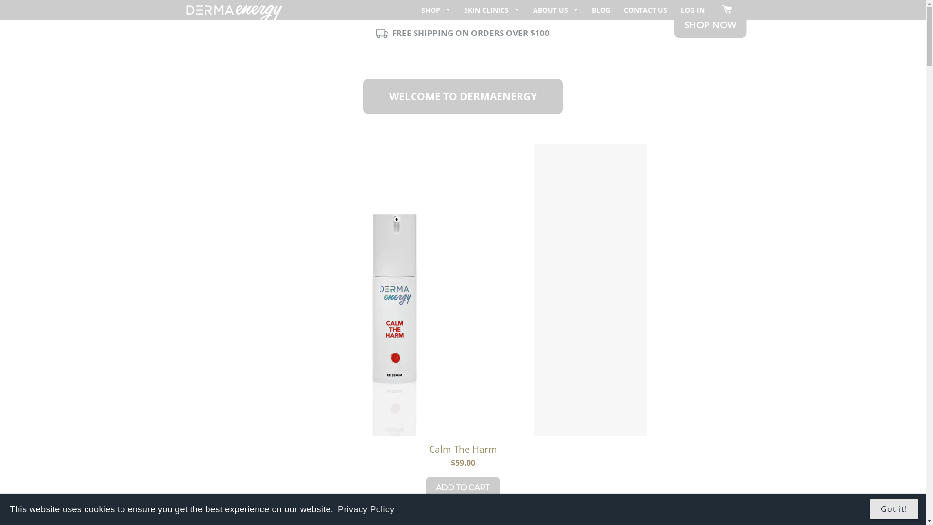  Describe the element at coordinates (492, 10) in the screenshot. I see `'SKIN CLINICS'` at that location.